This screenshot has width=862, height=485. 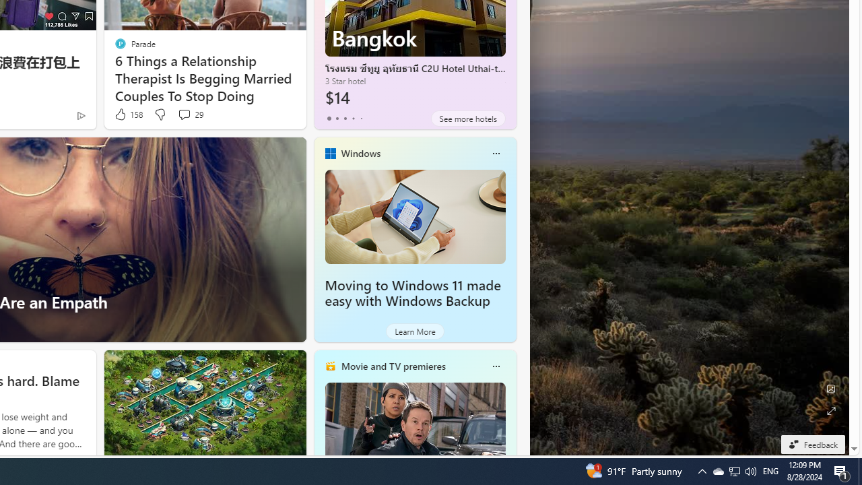 I want to click on 'View comments 29 Comment', so click(x=189, y=114).